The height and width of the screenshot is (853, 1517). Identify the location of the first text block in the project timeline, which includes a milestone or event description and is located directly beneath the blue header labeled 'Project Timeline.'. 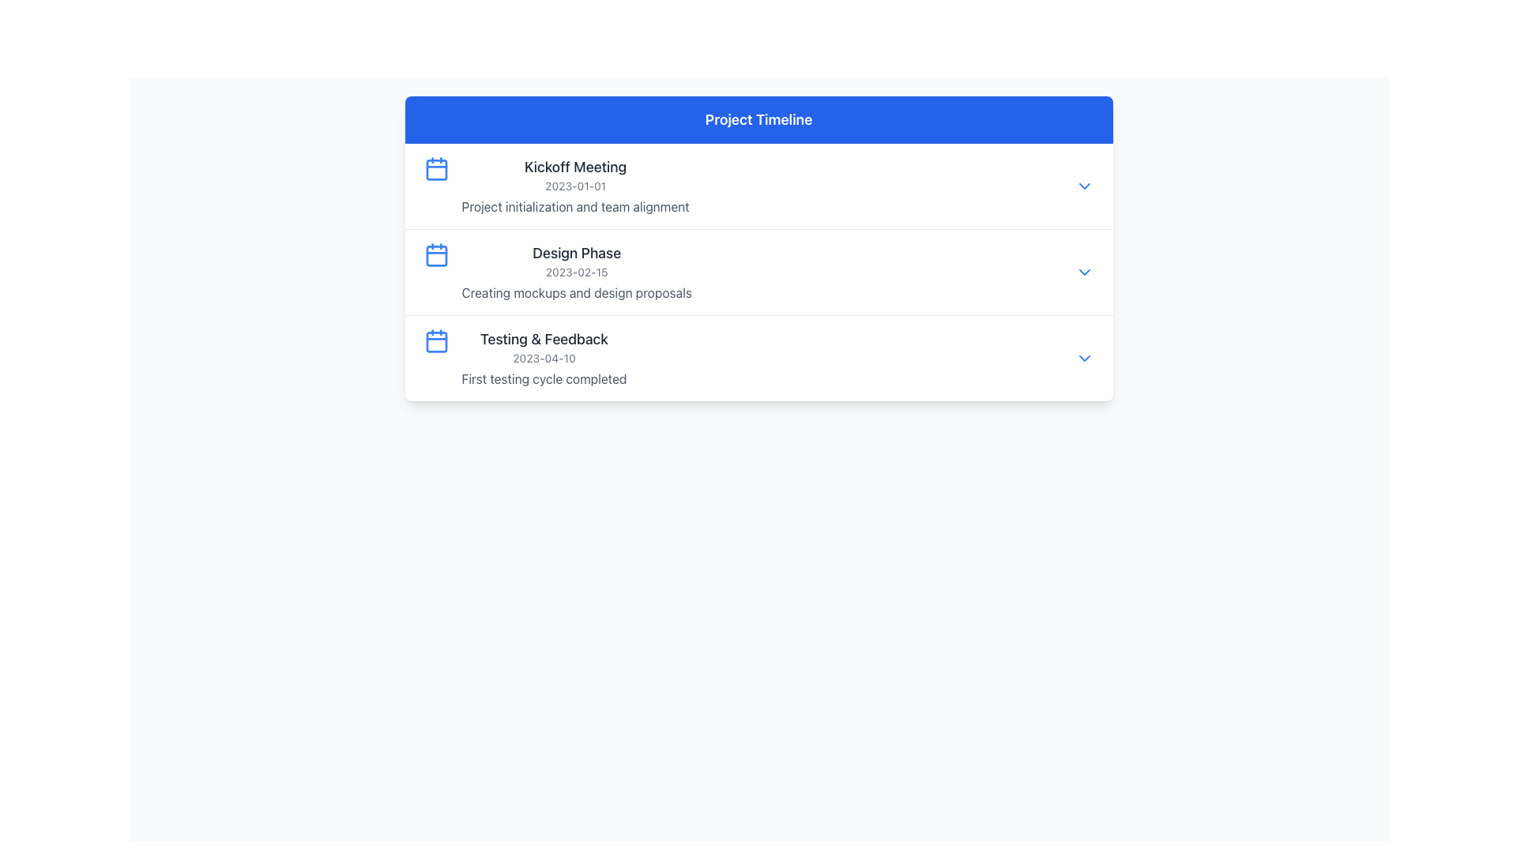
(574, 185).